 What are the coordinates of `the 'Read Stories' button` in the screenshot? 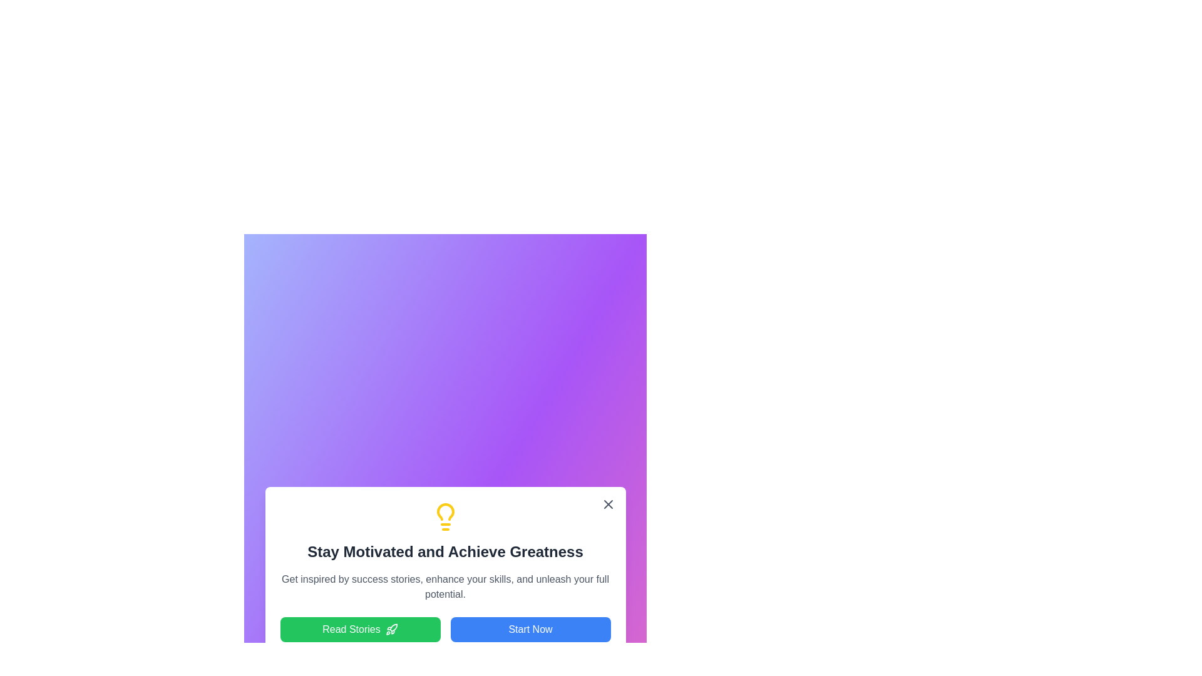 It's located at (359, 630).